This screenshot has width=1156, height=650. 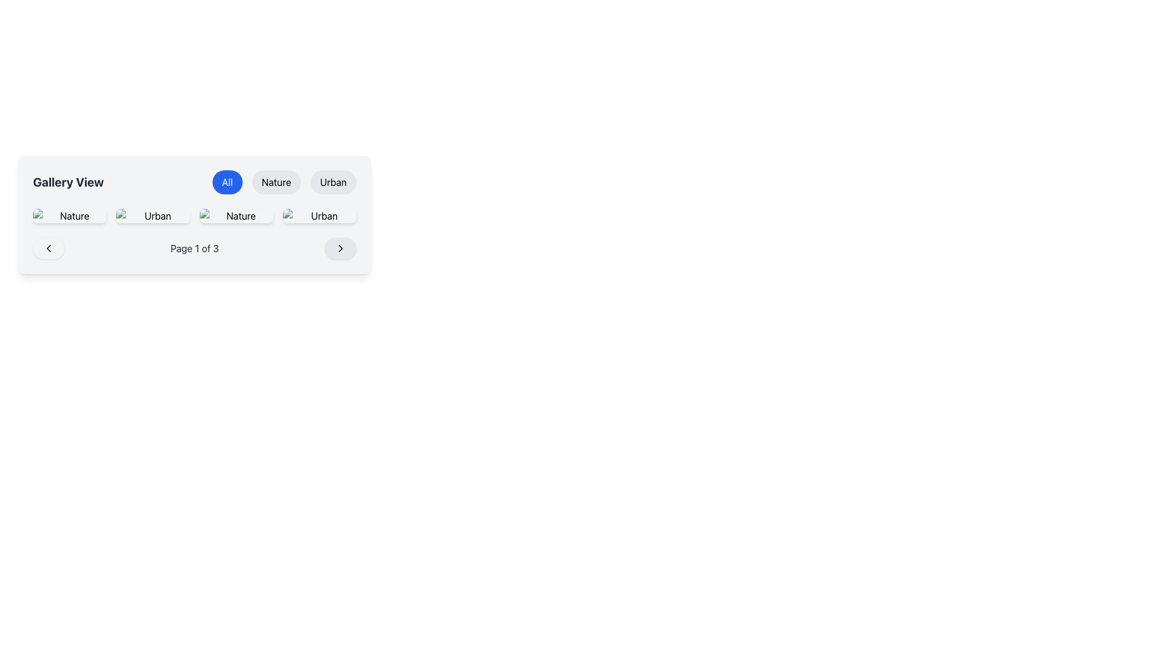 What do you see at coordinates (48, 247) in the screenshot?
I see `the left-facing chevron icon within the circular button` at bounding box center [48, 247].